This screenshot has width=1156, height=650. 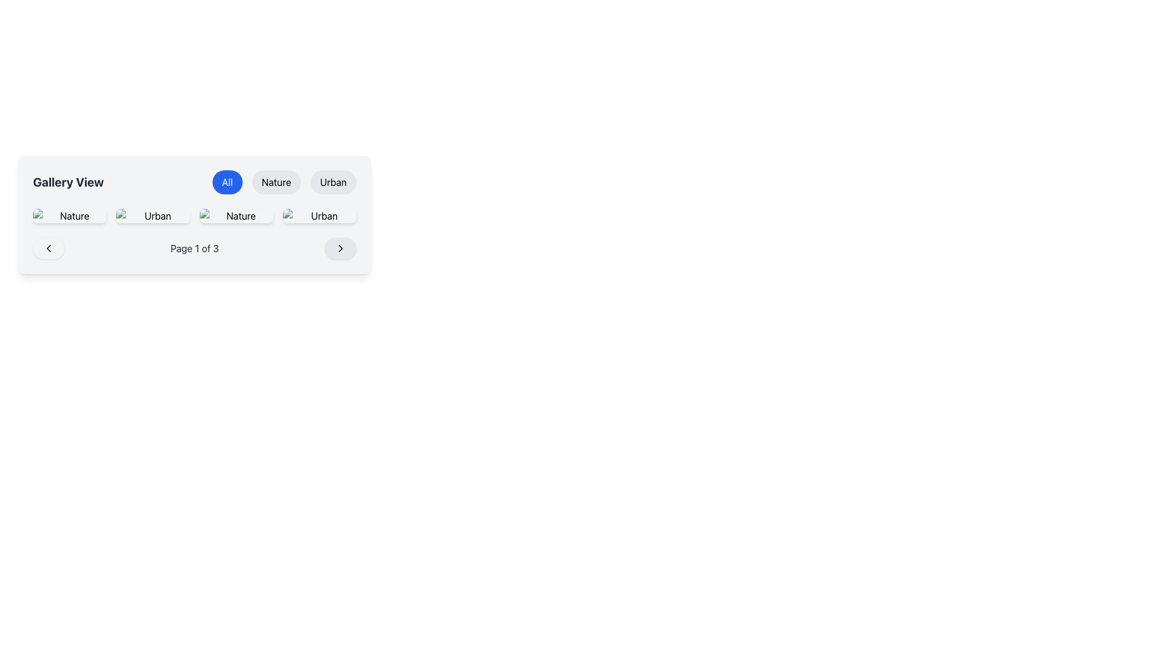 What do you see at coordinates (48, 247) in the screenshot?
I see `the left-facing chevron icon within the circular button` at bounding box center [48, 247].